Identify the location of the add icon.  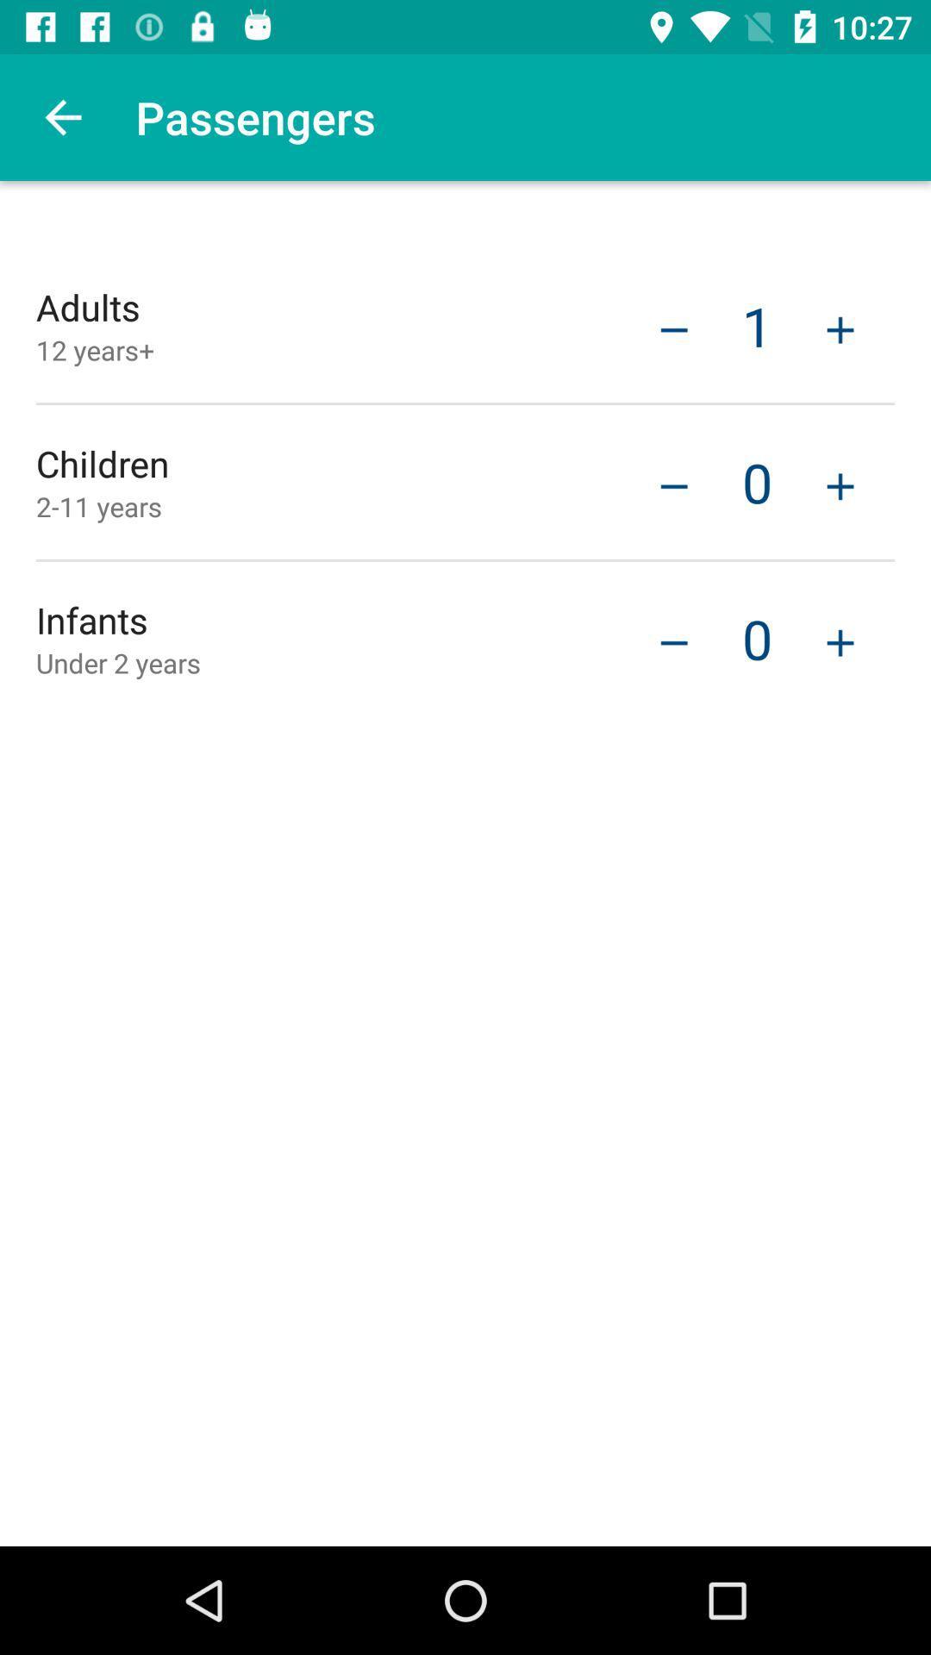
(840, 484).